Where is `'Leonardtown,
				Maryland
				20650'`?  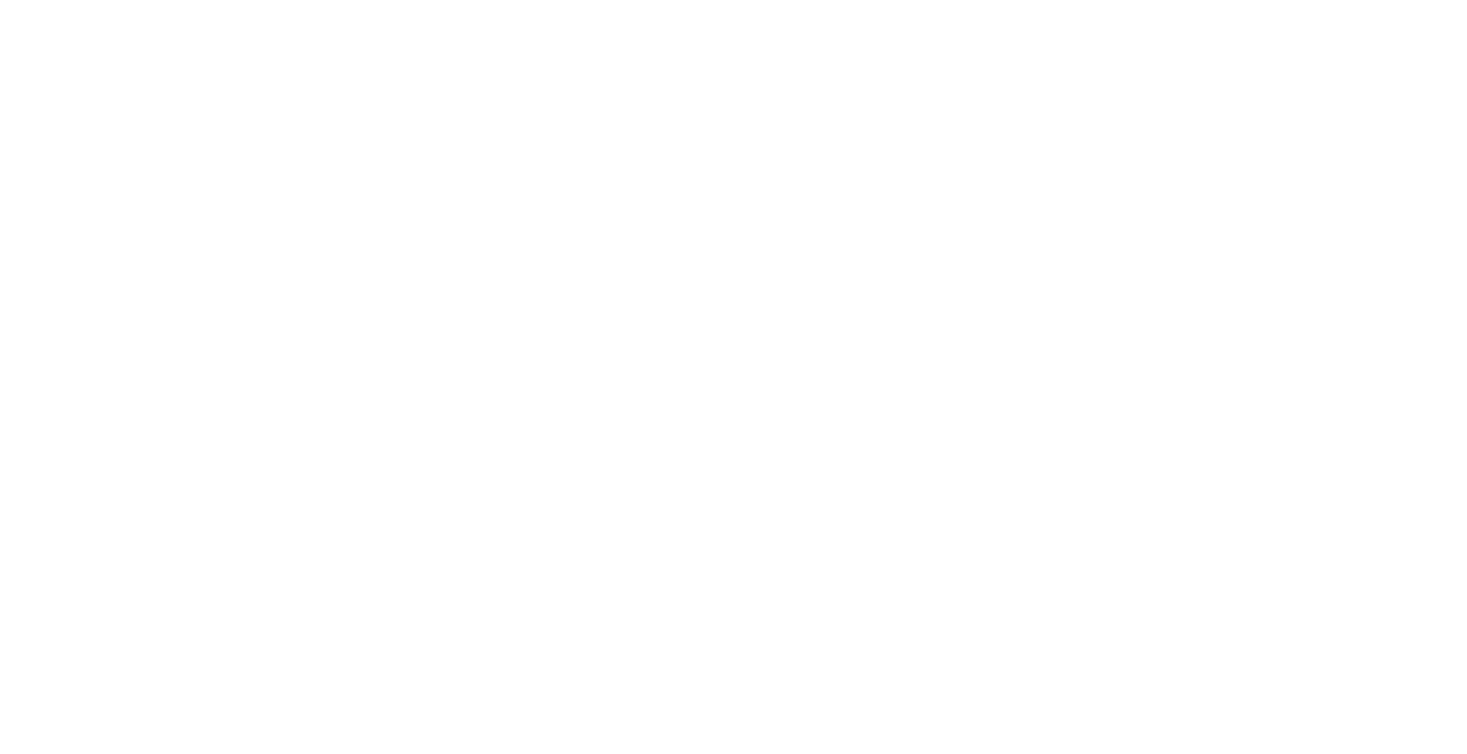 'Leonardtown,
				Maryland
				20650' is located at coordinates (779, 299).